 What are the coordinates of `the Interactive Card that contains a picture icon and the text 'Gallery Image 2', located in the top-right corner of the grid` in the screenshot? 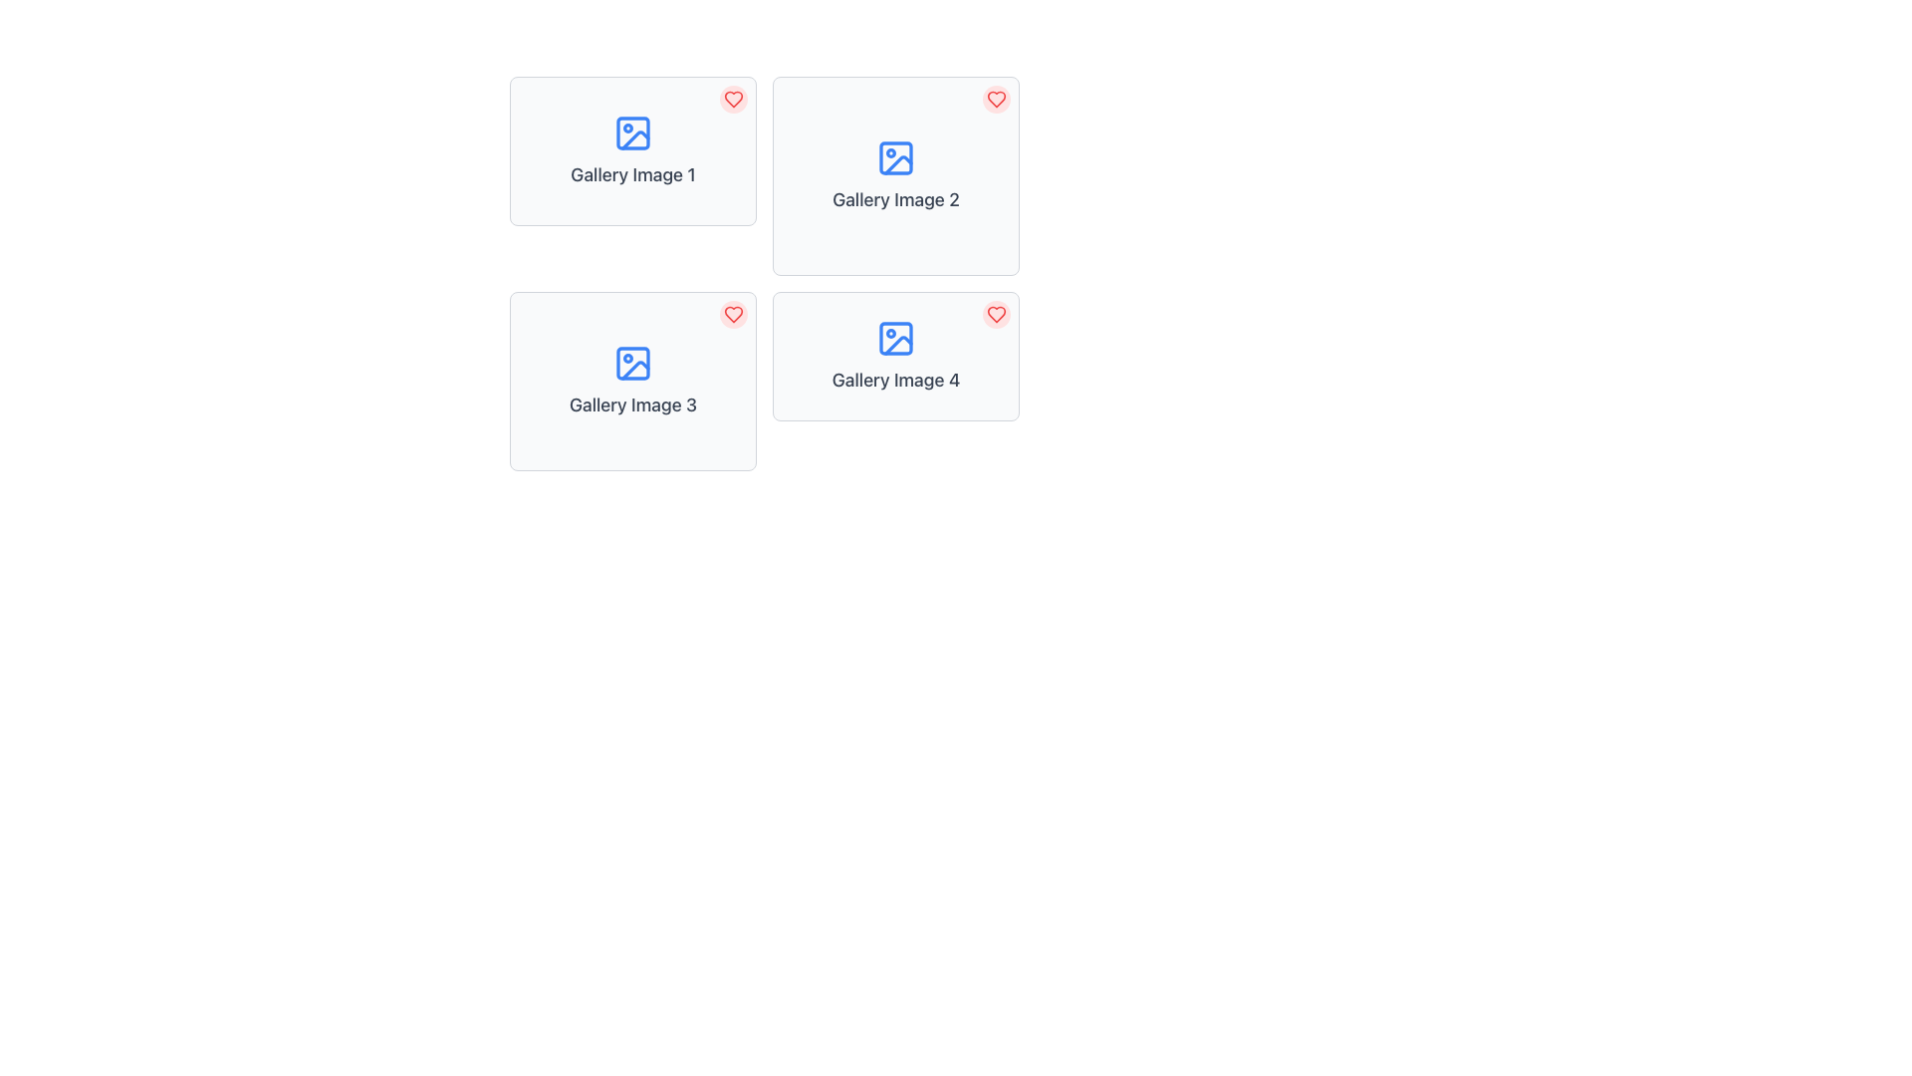 It's located at (895, 175).